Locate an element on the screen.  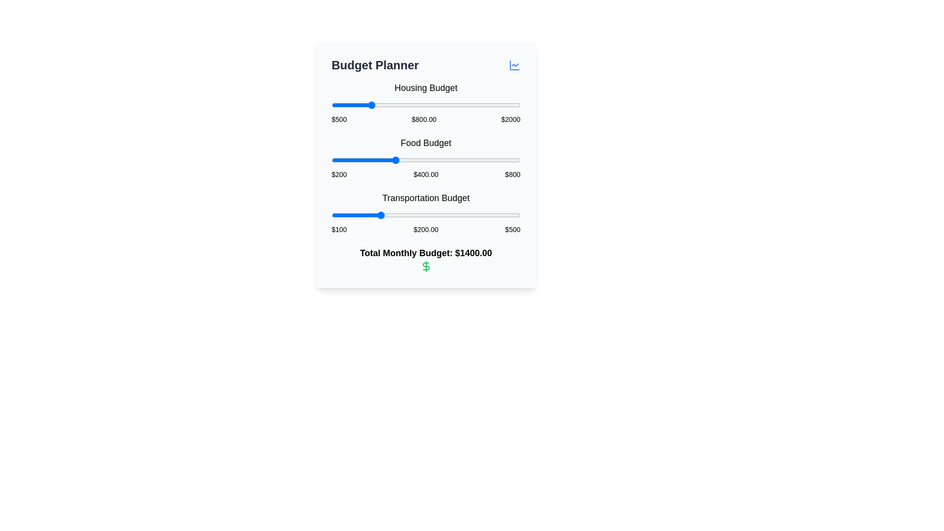
the static text label displaying '$400.00' located in the 'Food Budget' section, which is positioned between two other monetary values and next to a slider control is located at coordinates (426, 174).